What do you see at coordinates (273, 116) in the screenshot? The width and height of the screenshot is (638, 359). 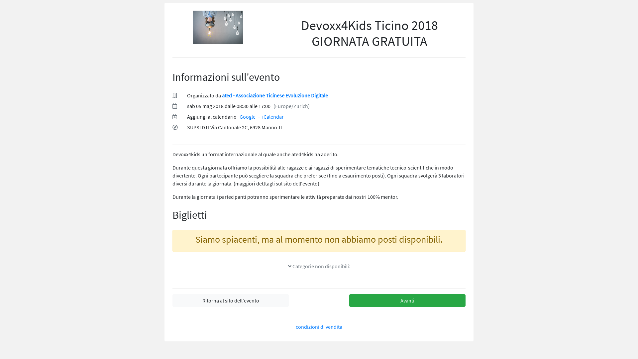 I see `'iCalendar'` at bounding box center [273, 116].